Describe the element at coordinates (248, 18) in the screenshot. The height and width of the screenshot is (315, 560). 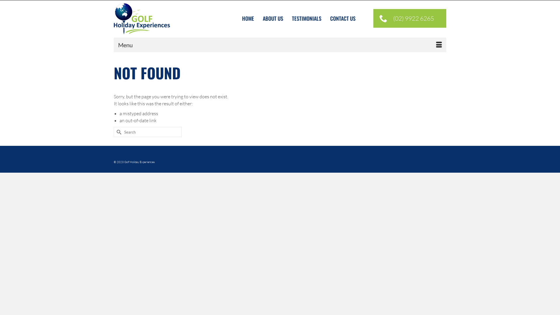
I see `'HOME'` at that location.